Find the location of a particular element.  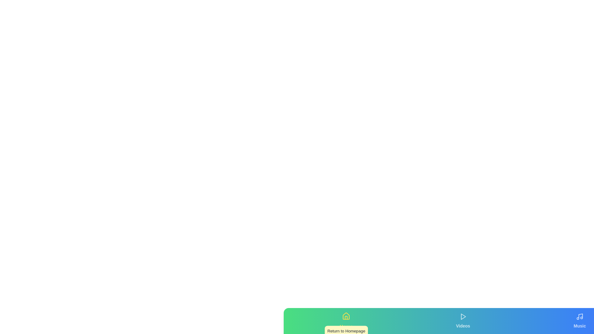

the tab labeled Home to navigate to its related content is located at coordinates (346, 320).